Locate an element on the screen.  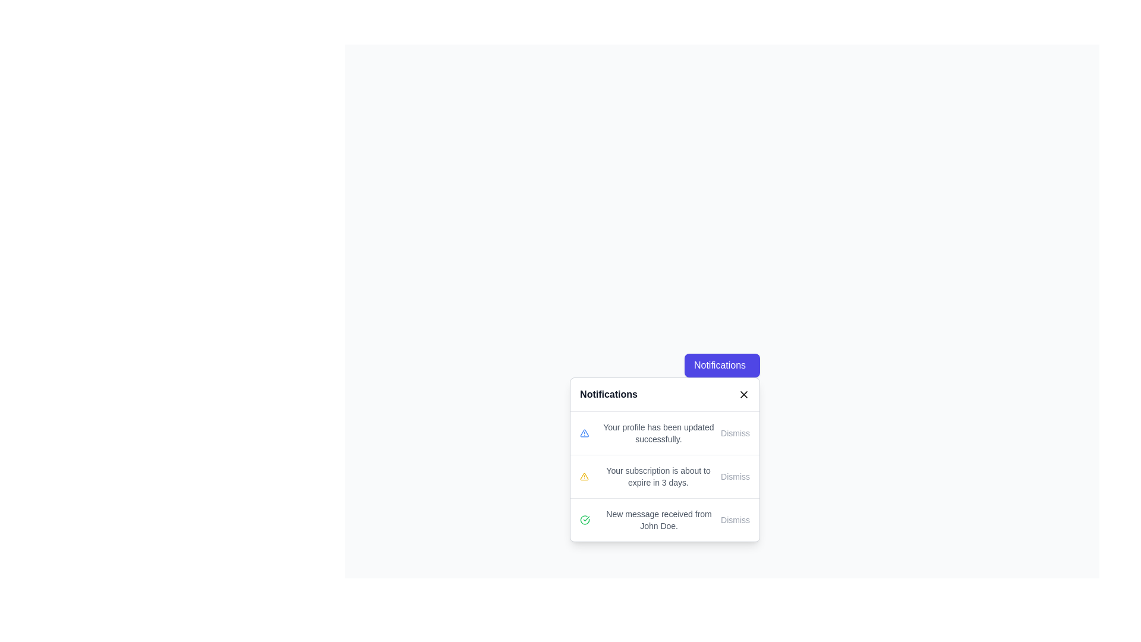
the second notification message that informs the user about their subscription expiring in three days is located at coordinates (650, 476).